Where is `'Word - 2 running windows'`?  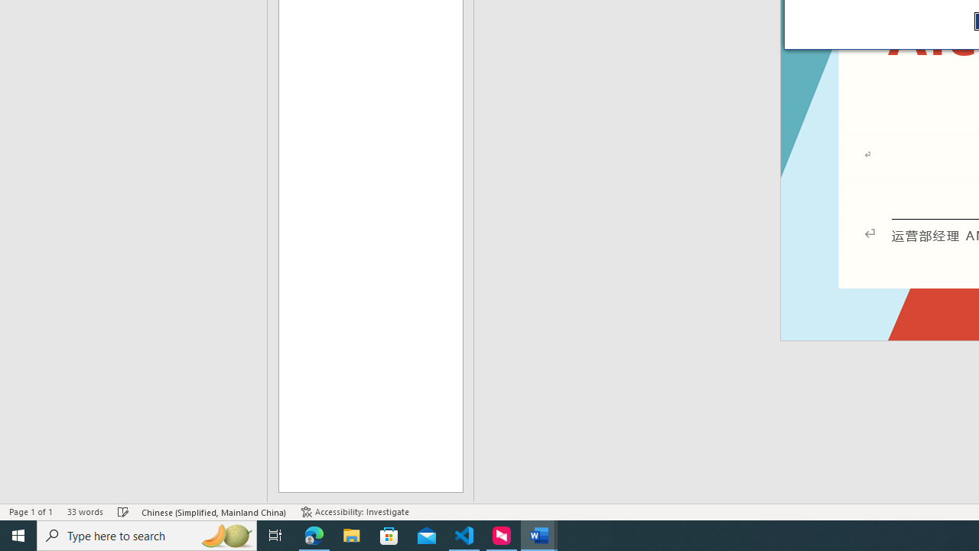 'Word - 2 running windows' is located at coordinates (539, 534).